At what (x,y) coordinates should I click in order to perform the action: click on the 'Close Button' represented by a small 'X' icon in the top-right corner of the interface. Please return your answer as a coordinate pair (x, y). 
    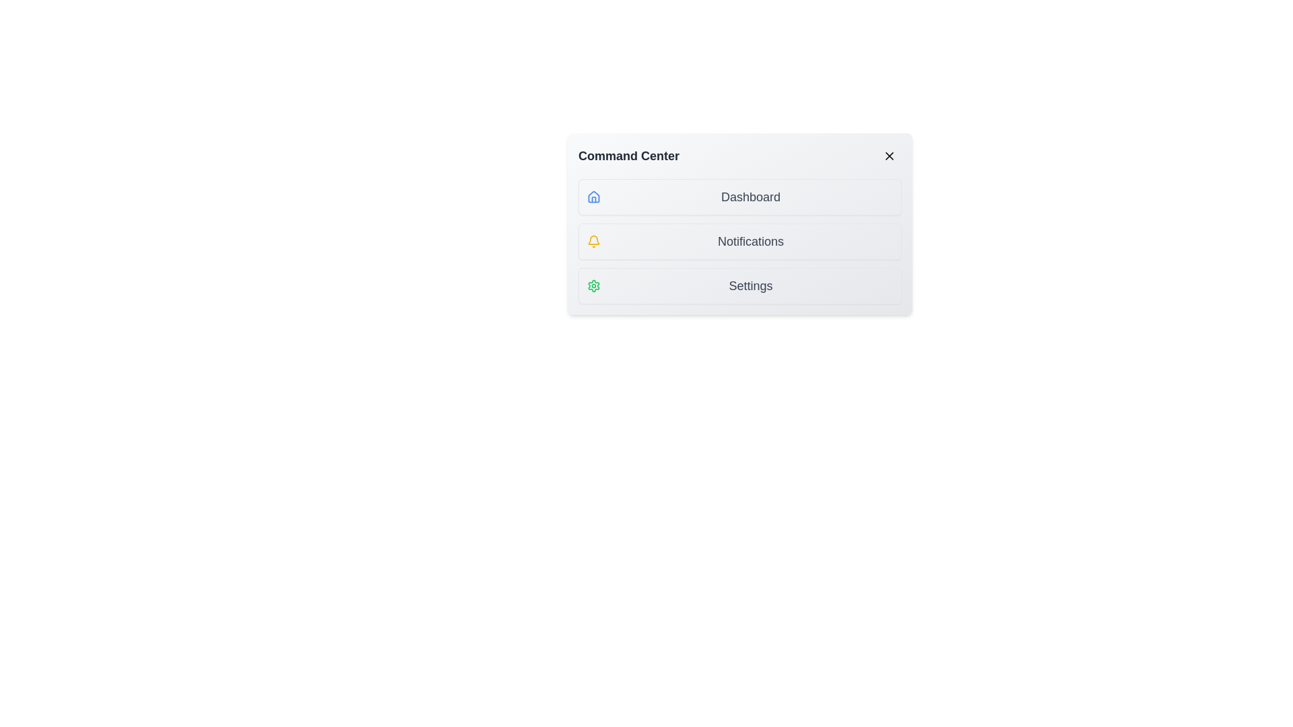
    Looking at the image, I should click on (889, 155).